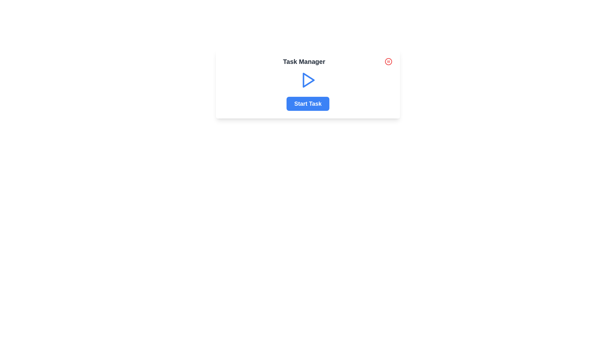 This screenshot has height=345, width=614. What do you see at coordinates (308, 80) in the screenshot?
I see `the play icon located below the 'Task Manager' title and above the 'Start Task' button` at bounding box center [308, 80].